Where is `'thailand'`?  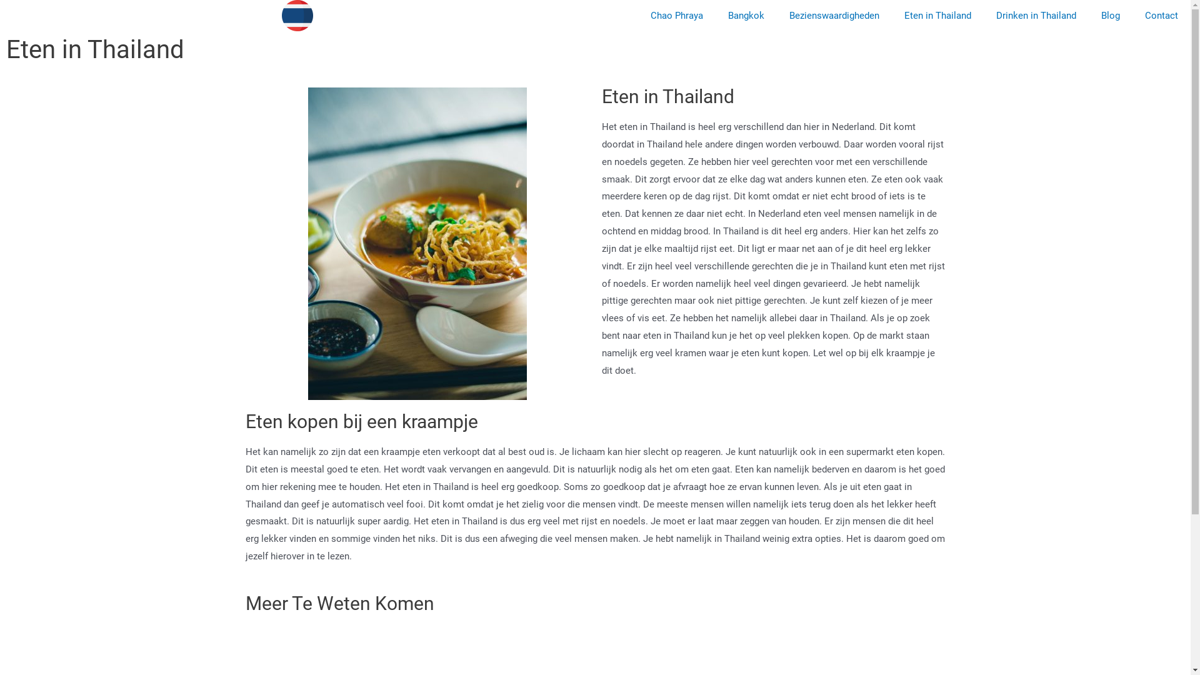
'thailand' is located at coordinates (296, 15).